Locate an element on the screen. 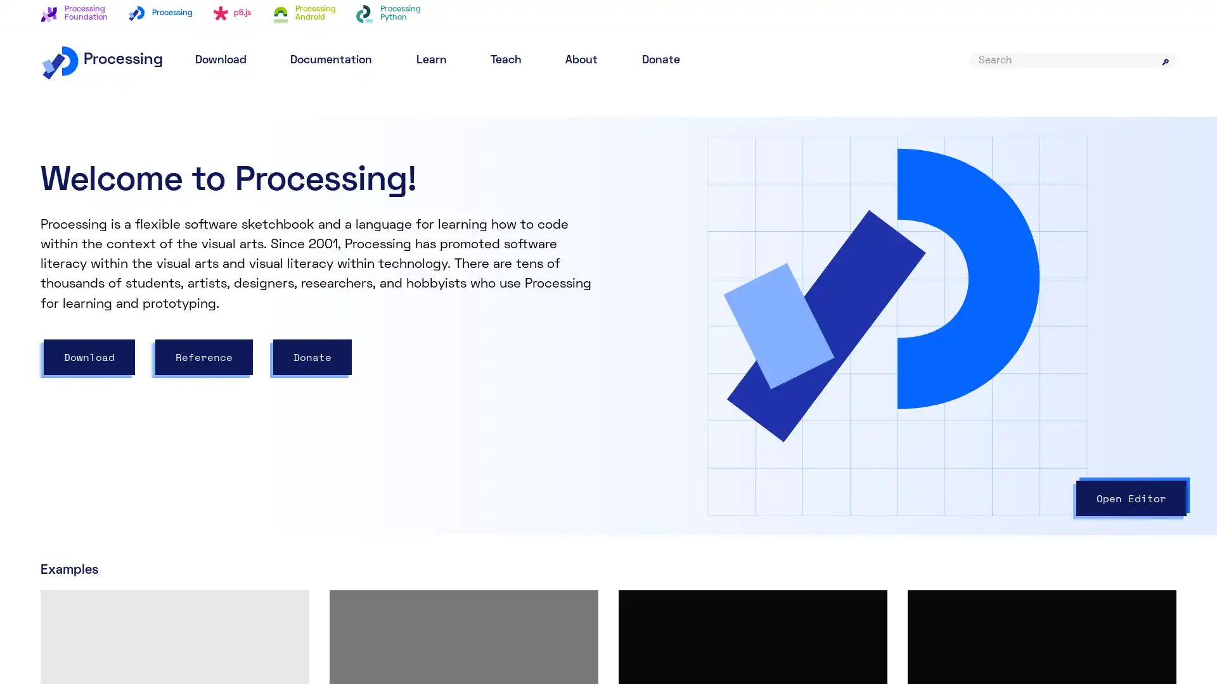  change position is located at coordinates (676, 390).